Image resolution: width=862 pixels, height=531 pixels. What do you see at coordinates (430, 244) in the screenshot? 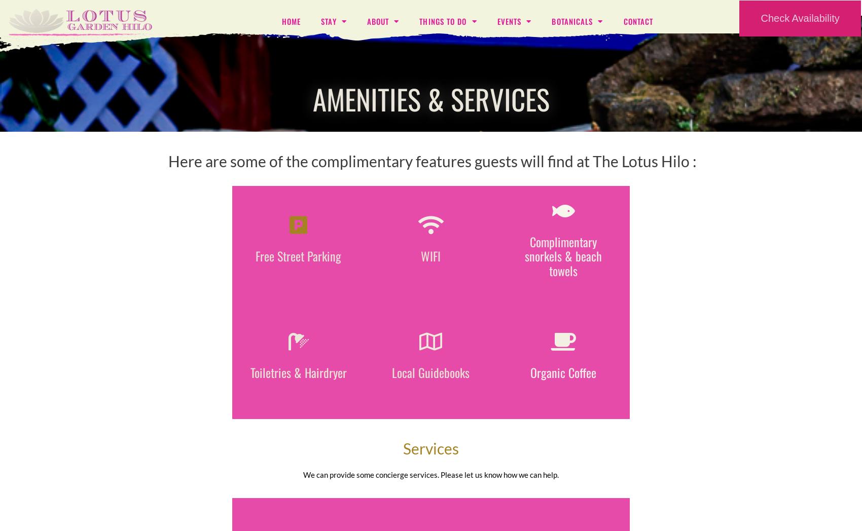
I see `'Free WIFI'` at bounding box center [430, 244].